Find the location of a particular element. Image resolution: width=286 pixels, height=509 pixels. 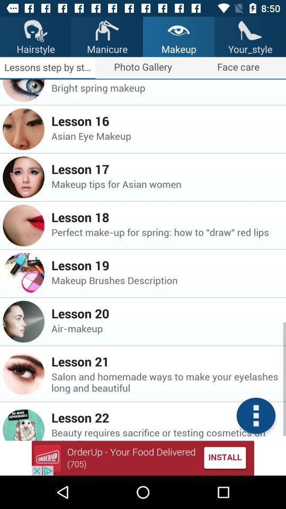

gallery tool boy is located at coordinates (255, 416).